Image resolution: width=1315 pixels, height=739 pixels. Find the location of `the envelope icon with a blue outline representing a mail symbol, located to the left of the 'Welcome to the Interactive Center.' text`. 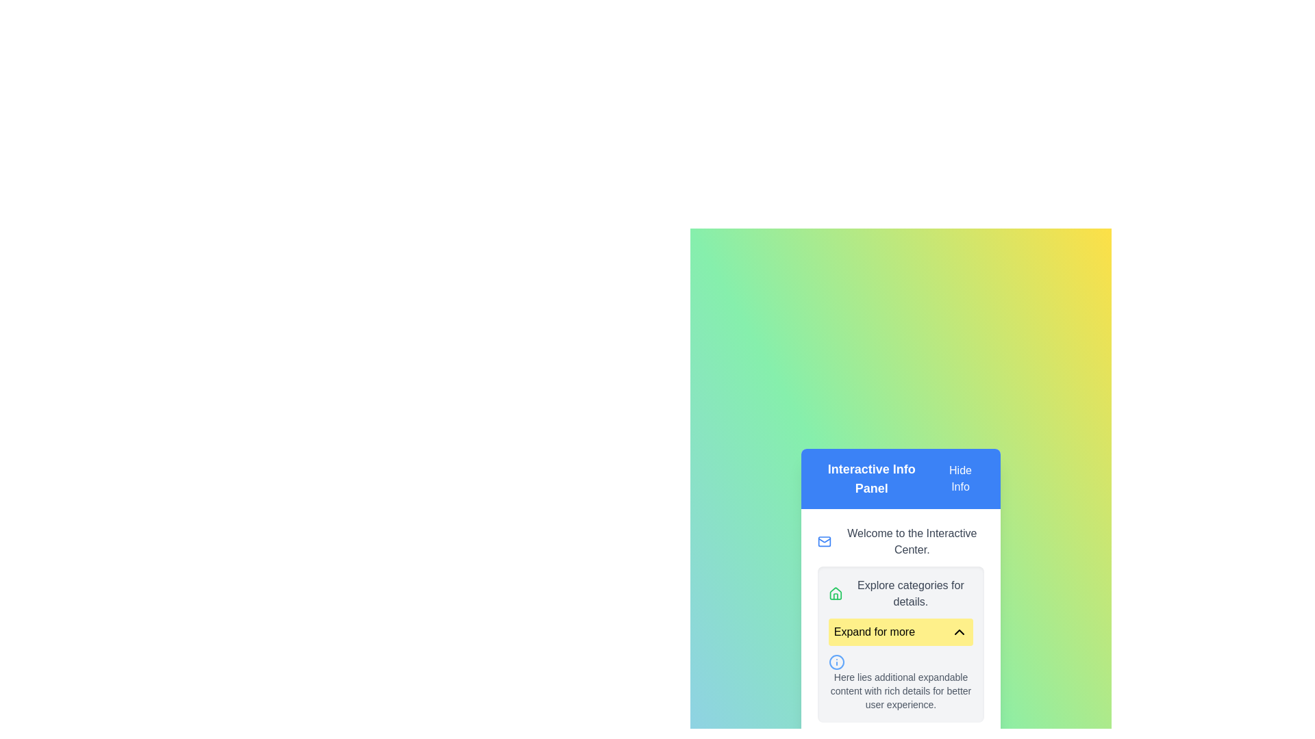

the envelope icon with a blue outline representing a mail symbol, located to the left of the 'Welcome to the Interactive Center.' text is located at coordinates (824, 541).